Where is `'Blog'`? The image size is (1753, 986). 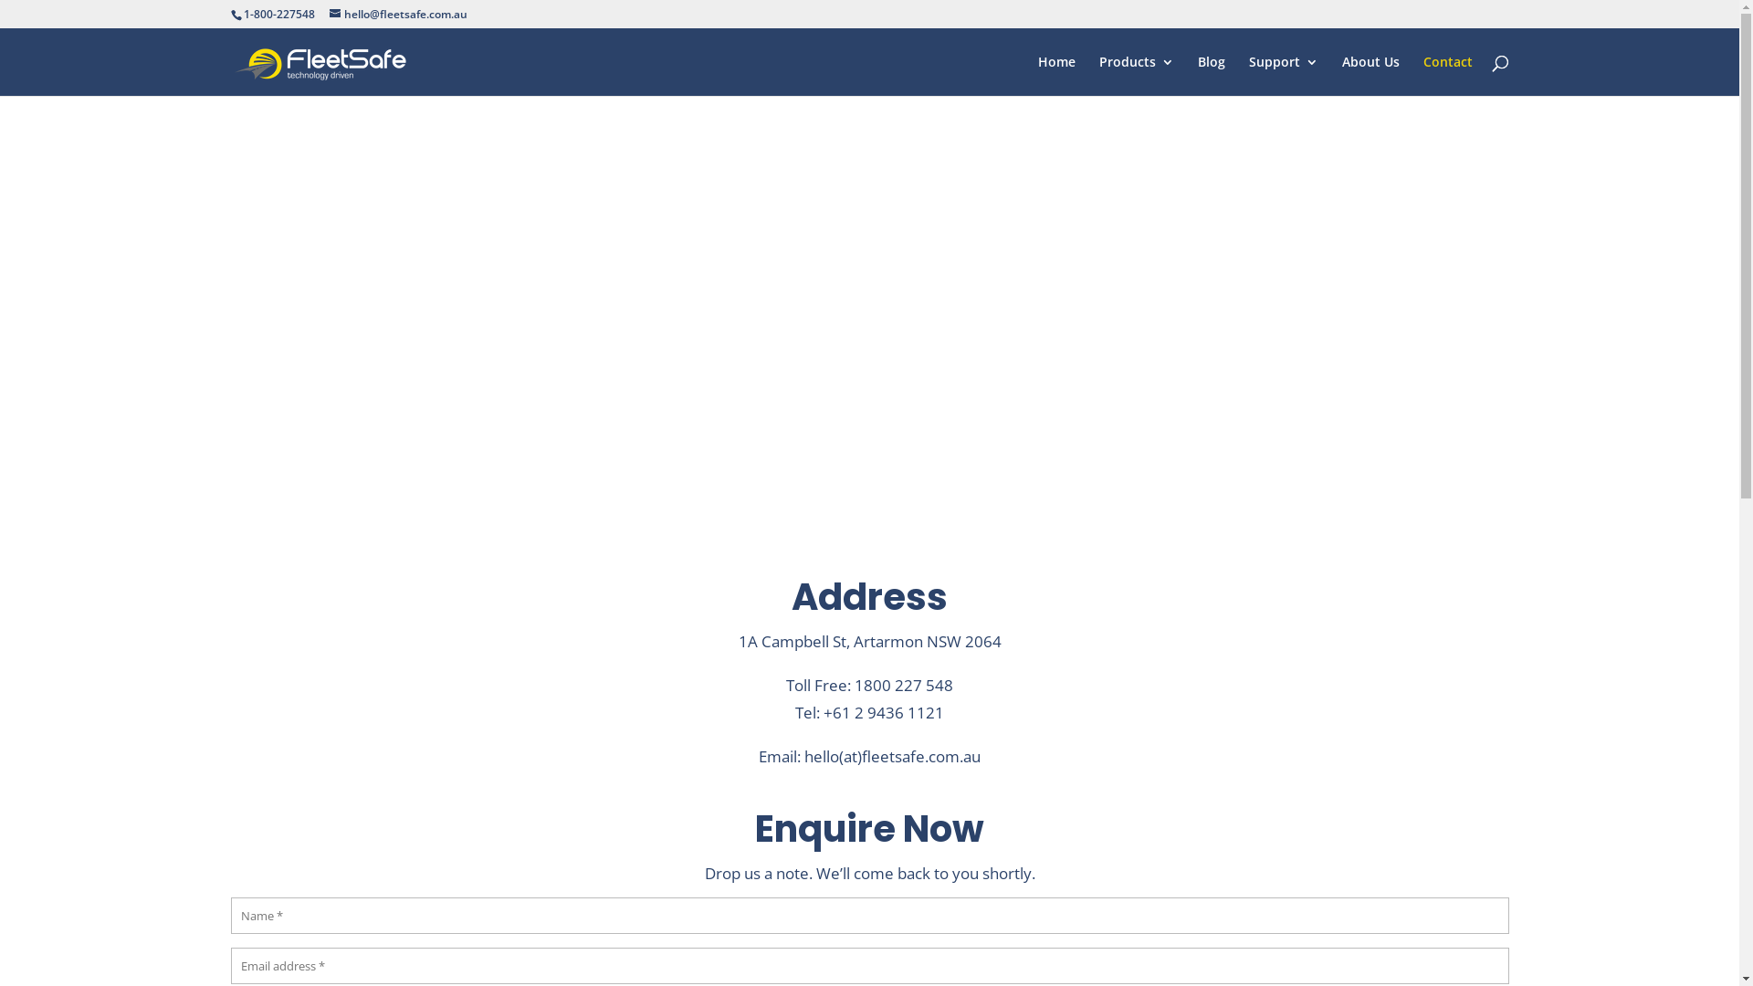
'Blog' is located at coordinates (1211, 75).